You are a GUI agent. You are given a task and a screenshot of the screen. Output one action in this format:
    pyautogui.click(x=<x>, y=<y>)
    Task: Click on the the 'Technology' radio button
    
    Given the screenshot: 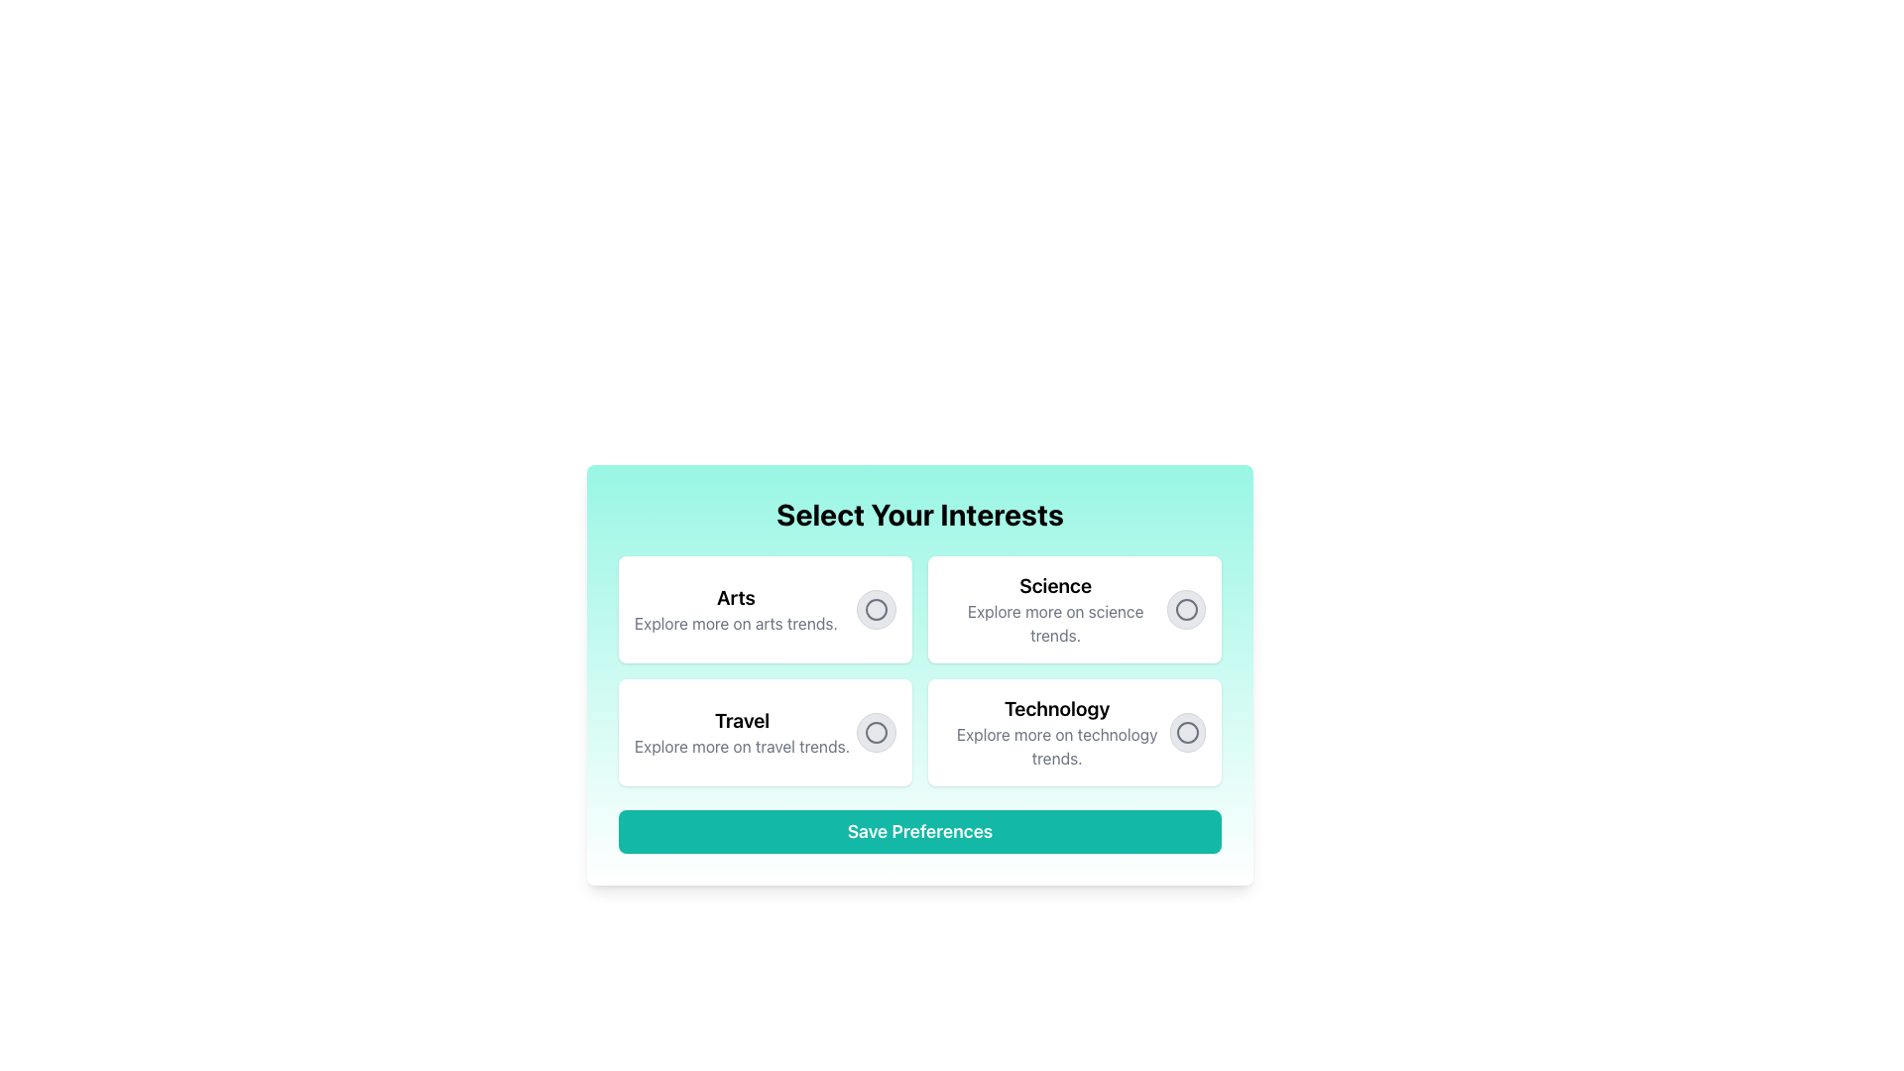 What is the action you would take?
    pyautogui.click(x=1188, y=733)
    